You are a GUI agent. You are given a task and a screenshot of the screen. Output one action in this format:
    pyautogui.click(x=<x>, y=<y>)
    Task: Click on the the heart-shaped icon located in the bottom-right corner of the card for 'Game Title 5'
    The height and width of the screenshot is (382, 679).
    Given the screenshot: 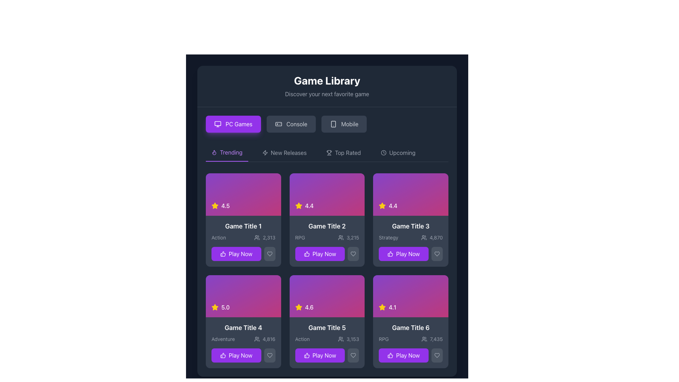 What is the action you would take?
    pyautogui.click(x=353, y=355)
    